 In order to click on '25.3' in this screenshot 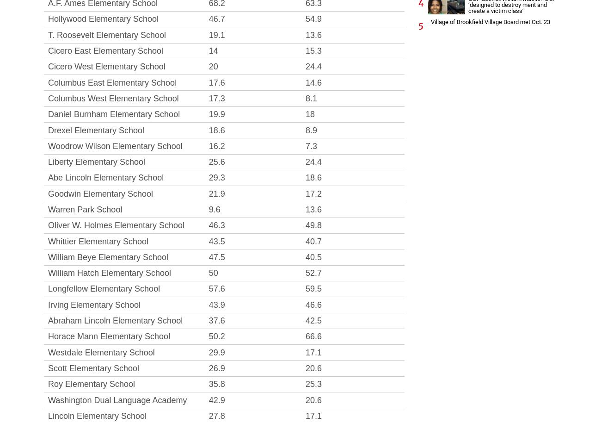, I will do `click(305, 384)`.